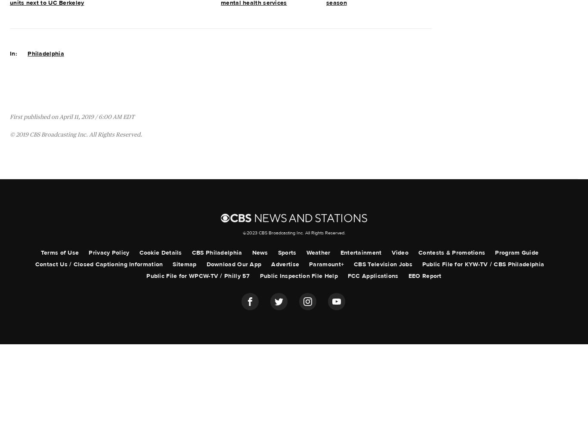  Describe the element at coordinates (390, 252) in the screenshot. I see `'Video'` at that location.